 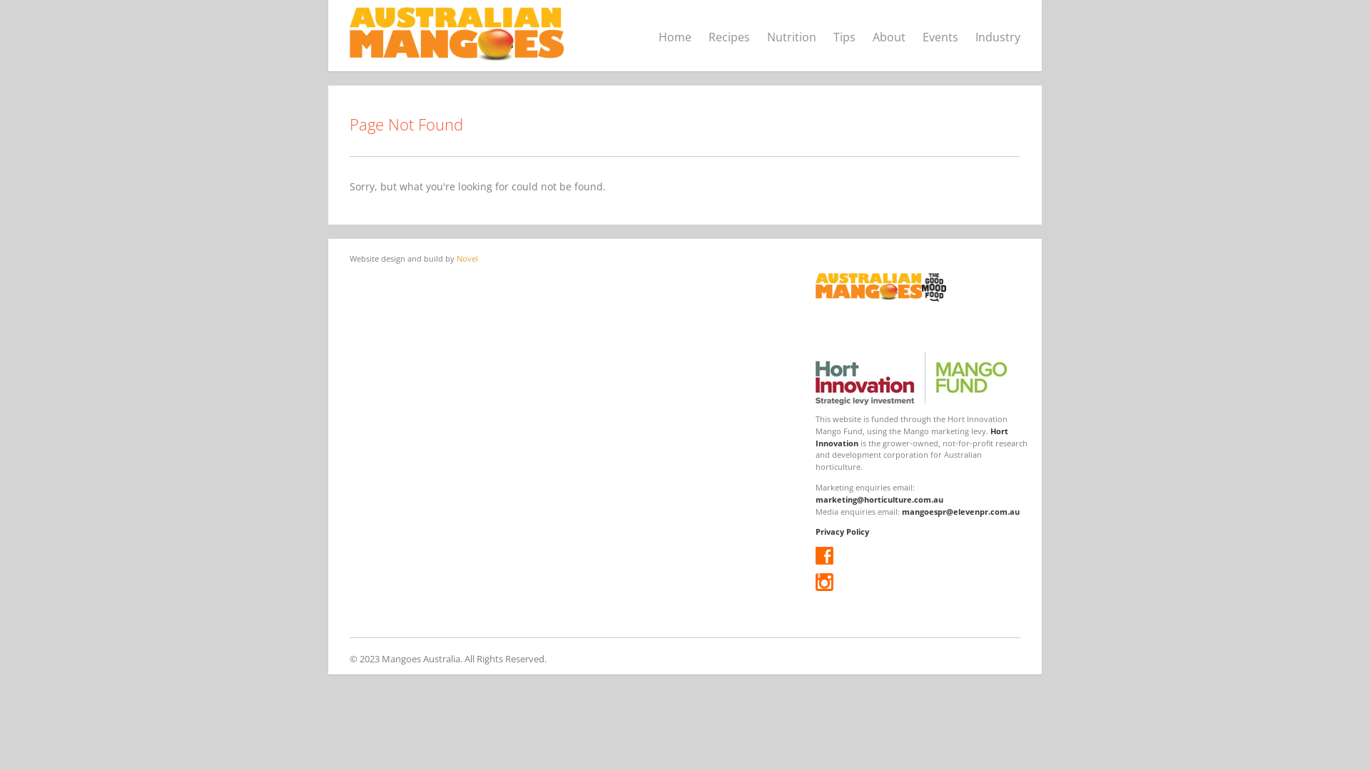 I want to click on 'Recipes', so click(x=729, y=36).